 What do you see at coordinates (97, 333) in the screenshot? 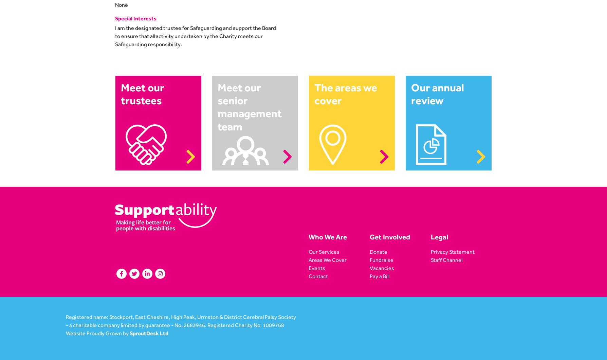
I see `'Website Proudly Grown by'` at bounding box center [97, 333].